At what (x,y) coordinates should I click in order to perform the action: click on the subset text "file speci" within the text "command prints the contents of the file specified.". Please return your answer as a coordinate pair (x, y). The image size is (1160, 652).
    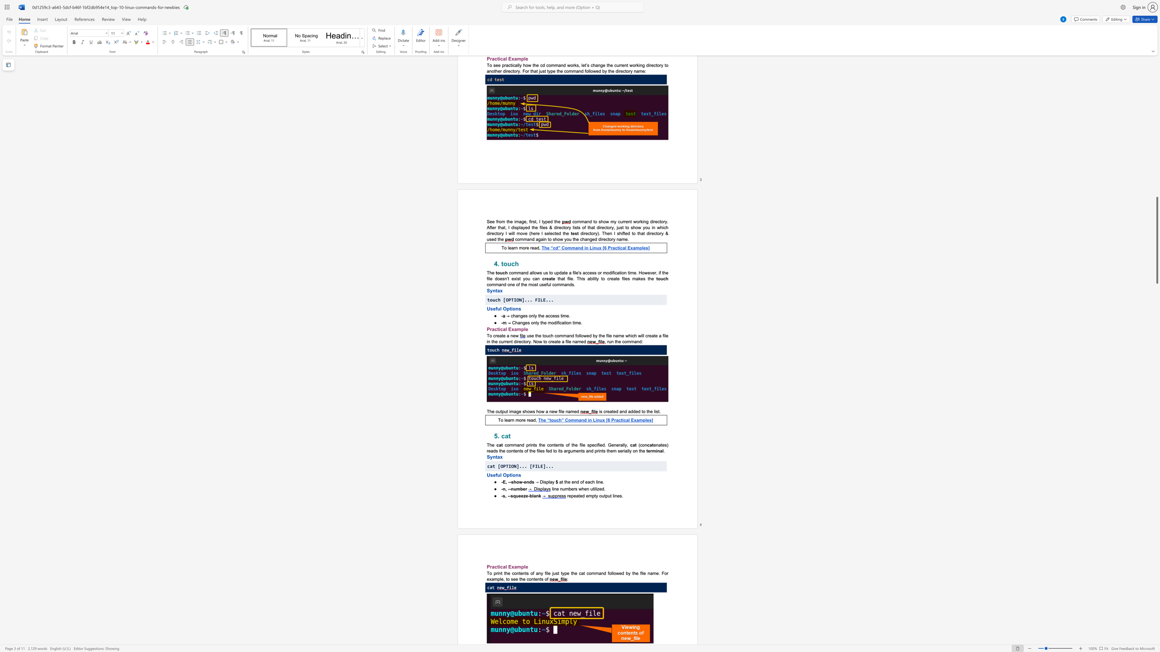
    Looking at the image, I should click on (579, 445).